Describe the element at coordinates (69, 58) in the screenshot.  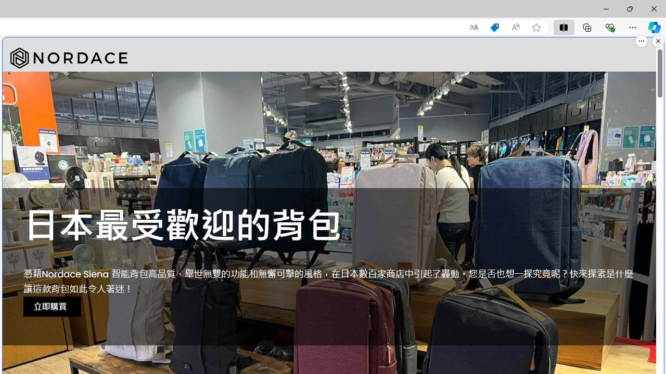
I see `'Nordace'` at that location.